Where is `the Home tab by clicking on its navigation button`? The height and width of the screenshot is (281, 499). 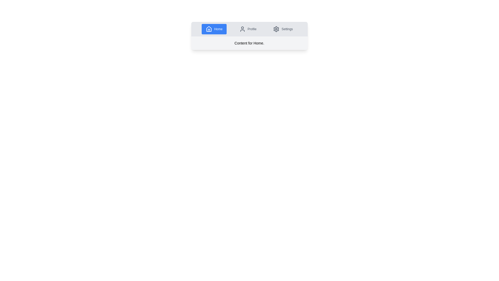 the Home tab by clicking on its navigation button is located at coordinates (214, 29).